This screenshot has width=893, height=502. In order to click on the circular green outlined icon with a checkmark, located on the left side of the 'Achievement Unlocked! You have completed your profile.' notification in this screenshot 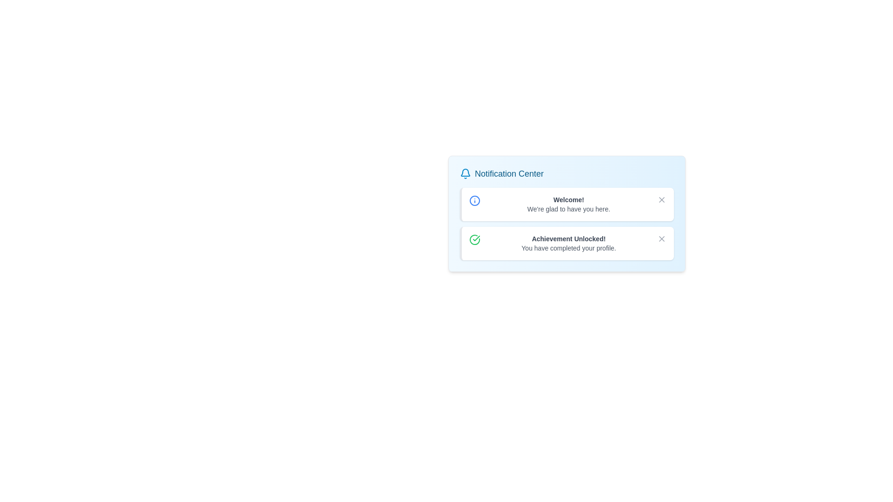, I will do `click(475, 239)`.